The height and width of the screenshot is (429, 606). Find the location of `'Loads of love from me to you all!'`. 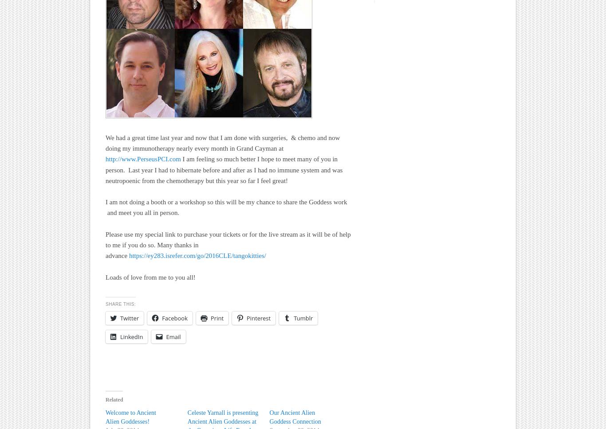

'Loads of love from me to you all!' is located at coordinates (150, 277).